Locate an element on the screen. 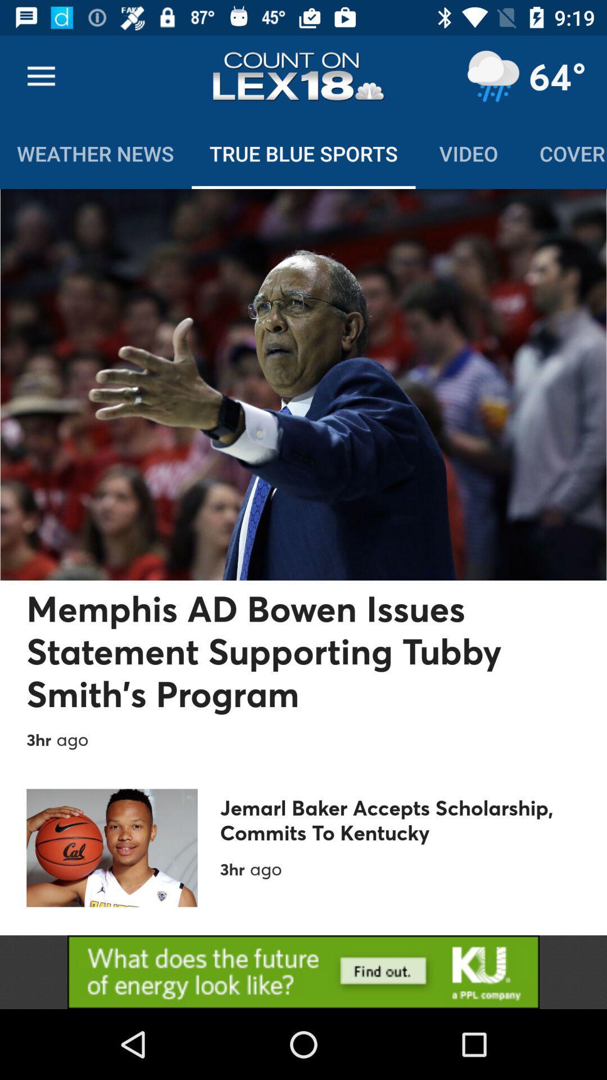 Image resolution: width=607 pixels, height=1080 pixels. advertisement display is located at coordinates (303, 971).